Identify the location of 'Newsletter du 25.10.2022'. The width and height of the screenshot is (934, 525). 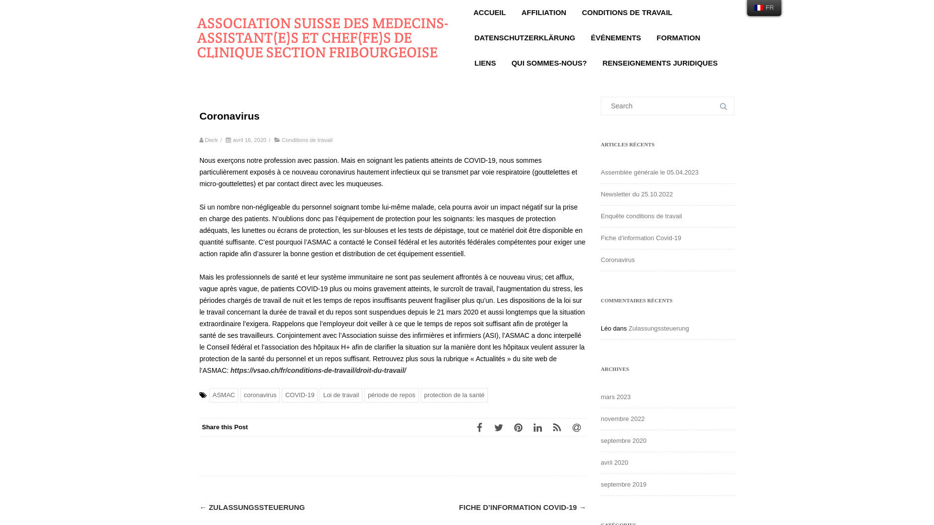
(637, 194).